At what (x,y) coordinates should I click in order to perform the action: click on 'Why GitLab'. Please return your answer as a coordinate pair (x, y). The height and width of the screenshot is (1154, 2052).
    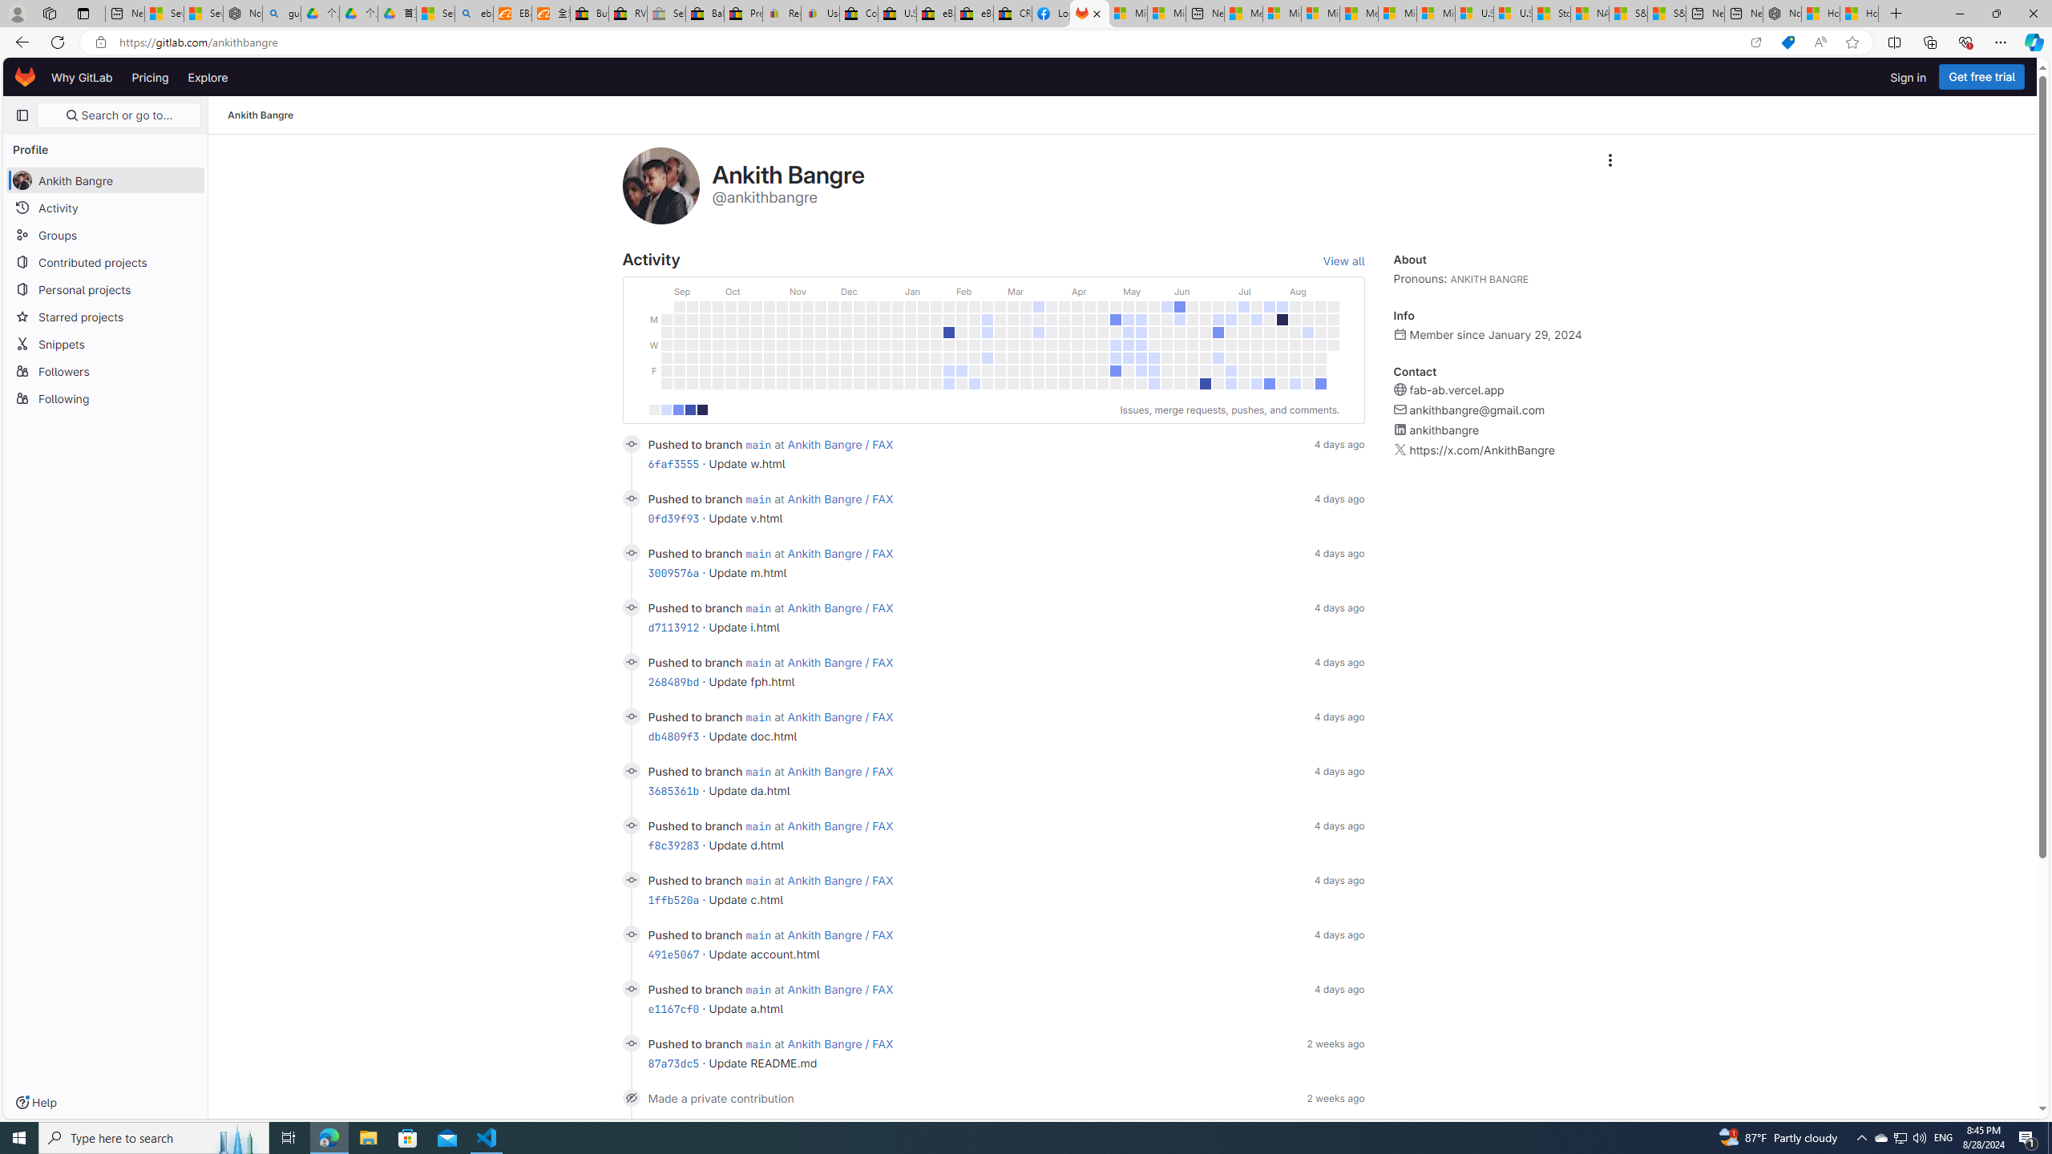
    Looking at the image, I should click on (81, 76).